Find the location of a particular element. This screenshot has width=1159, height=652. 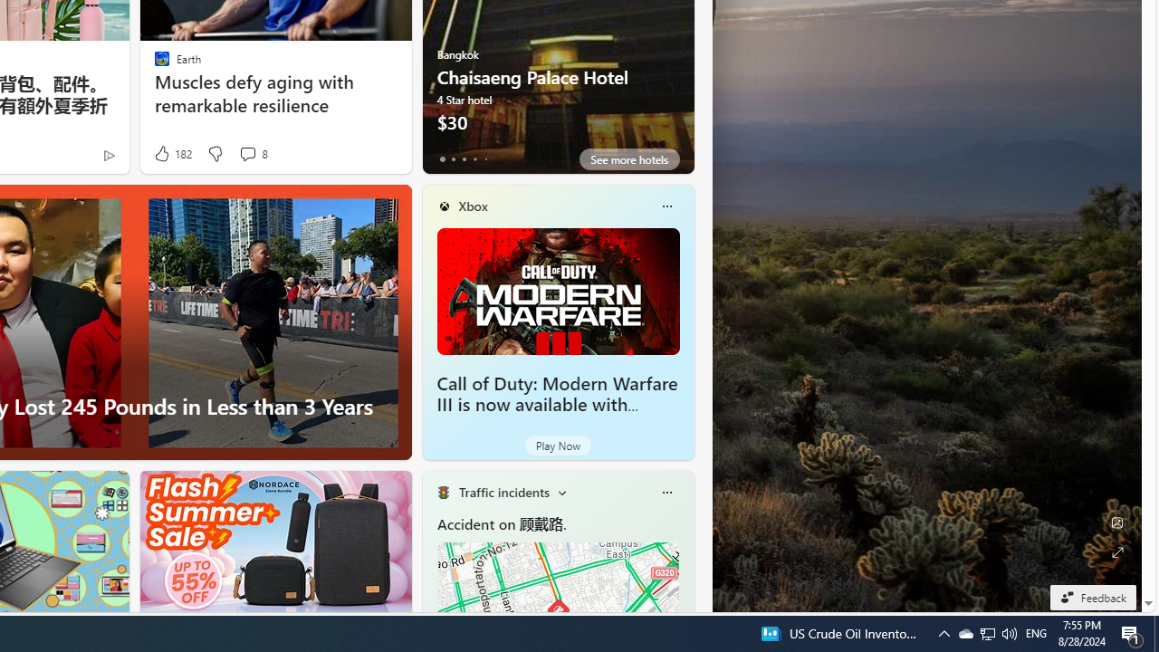

'More options' is located at coordinates (666, 492).